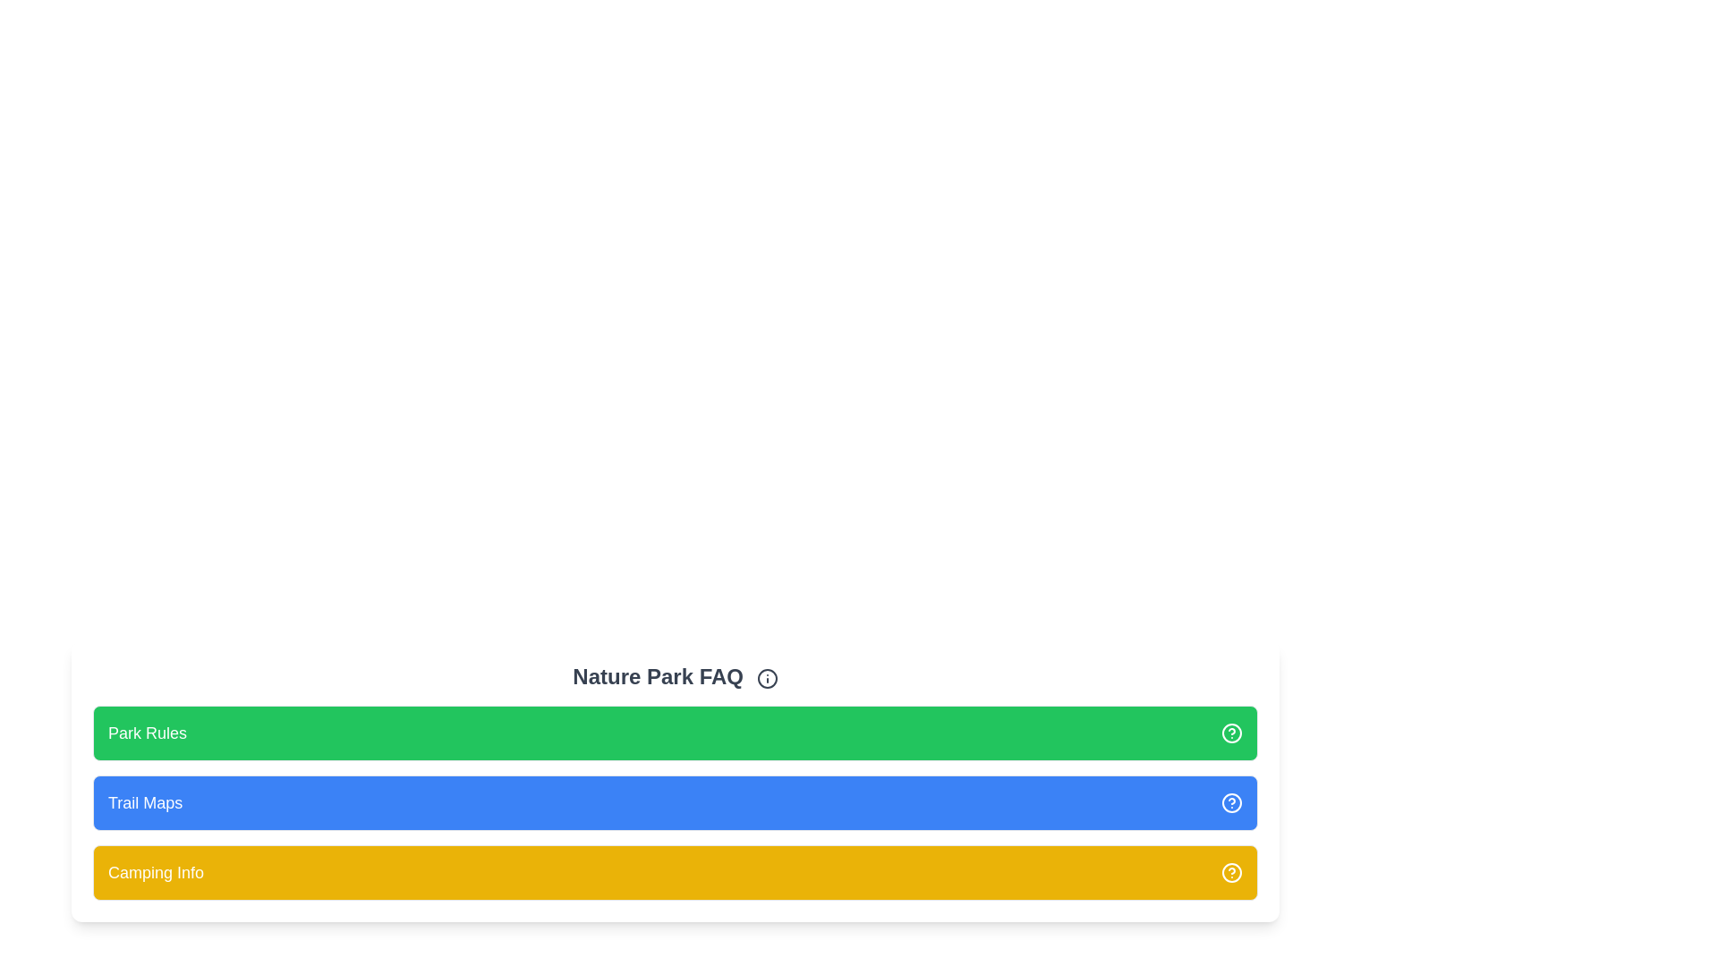 The image size is (1718, 966). Describe the element at coordinates (674, 733) in the screenshot. I see `the green rectangular button labeled 'Park Rules' to see the park rules` at that location.